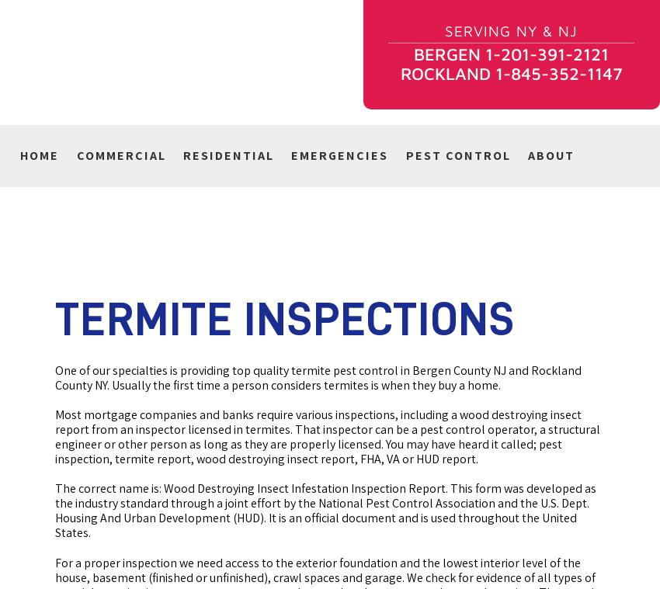 The width and height of the screenshot is (660, 589). Describe the element at coordinates (284, 319) in the screenshot. I see `'Termite Inspections'` at that location.